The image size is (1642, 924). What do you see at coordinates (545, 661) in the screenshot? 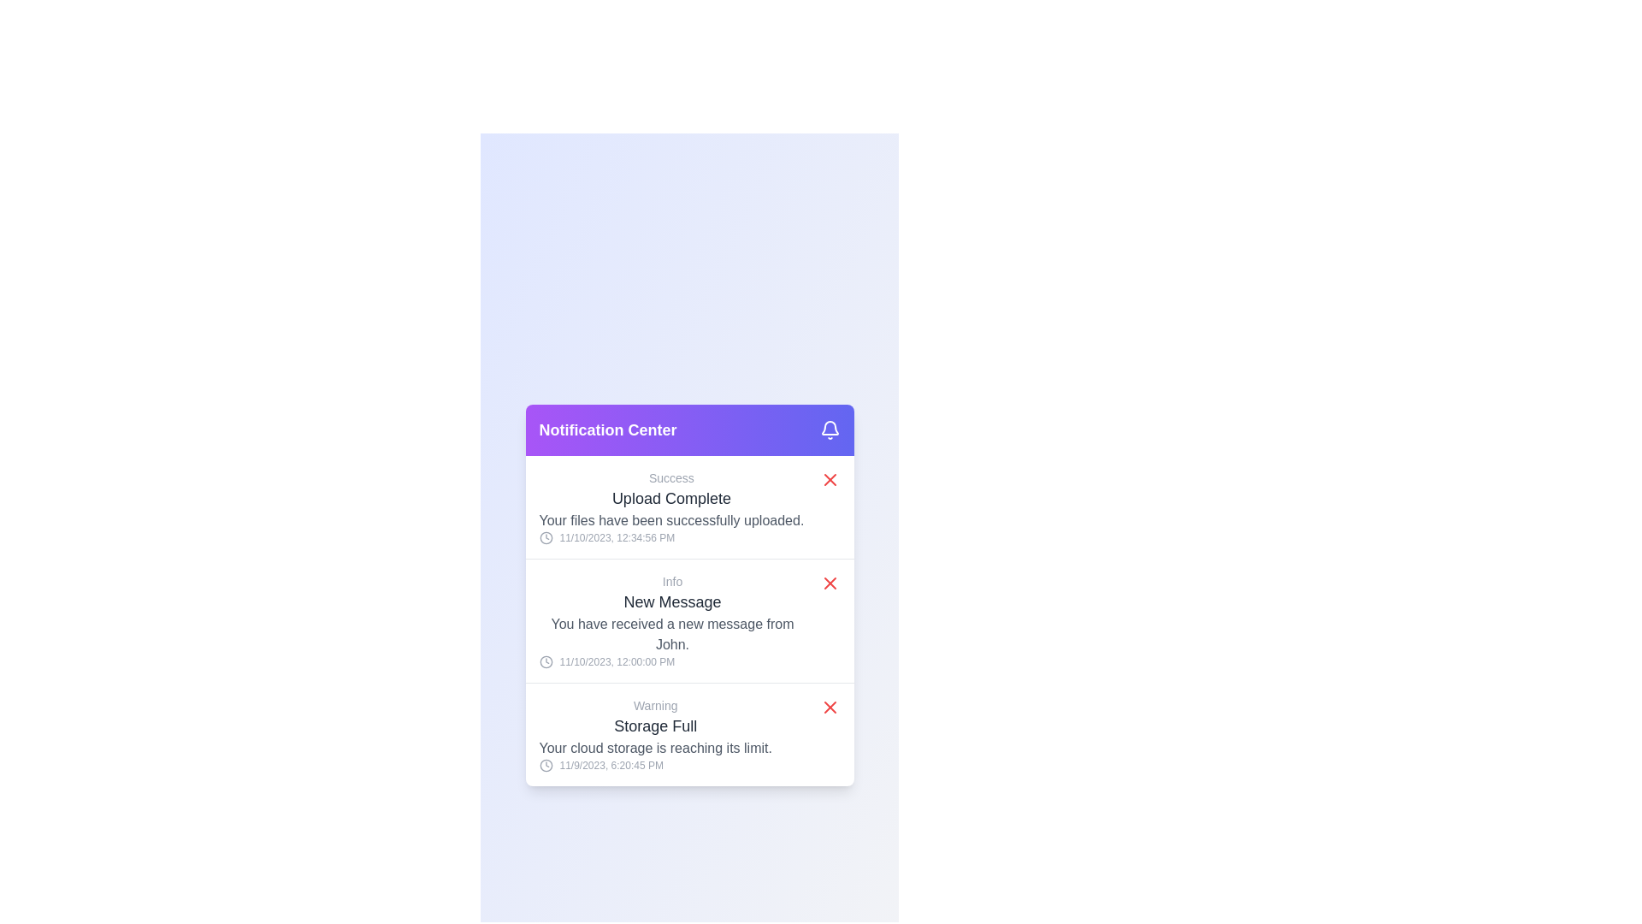
I see `the SVG circle element which represents the outline of a clock face in the second notification card, located to the left of the timestamp '11/10/2023, 12:00:00 PM'` at bounding box center [545, 661].